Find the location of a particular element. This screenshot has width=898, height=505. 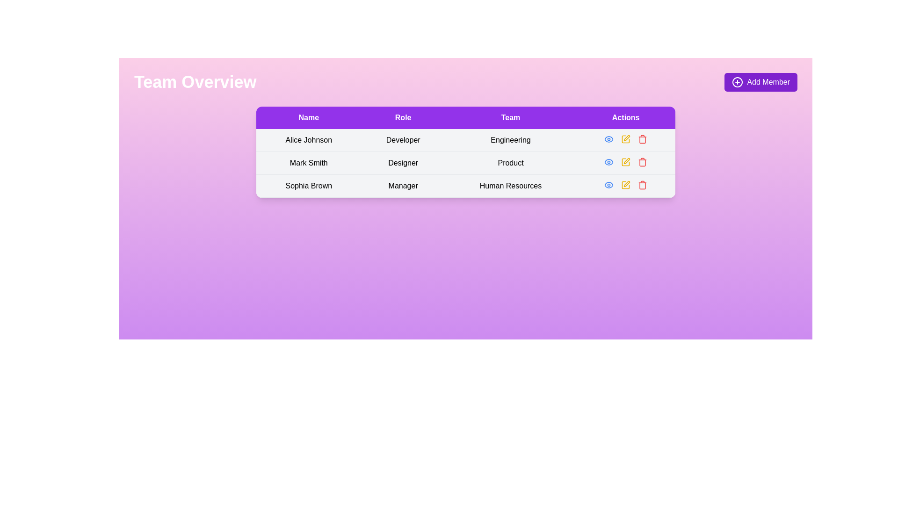

the blue eye-shaped icon in the 'Actions' column for the first row of the table corresponding to user 'Alice Johnson' is located at coordinates (609, 139).